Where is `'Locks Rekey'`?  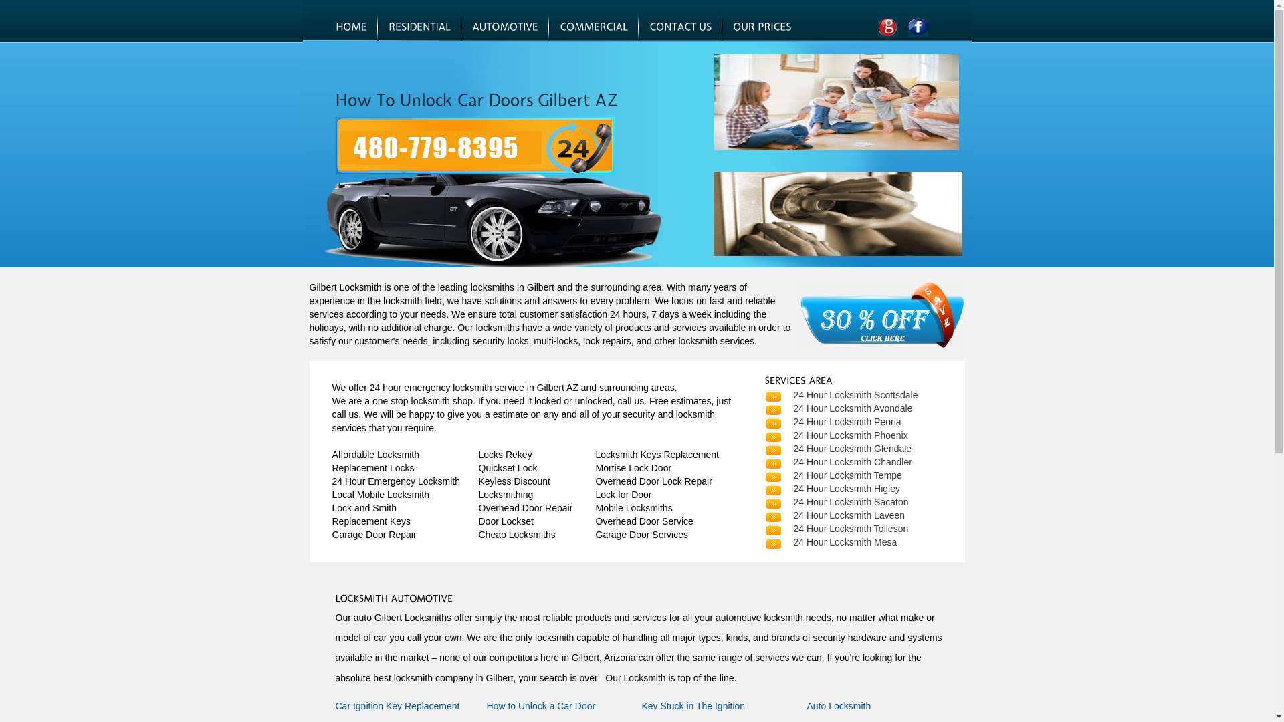 'Locks Rekey' is located at coordinates (505, 453).